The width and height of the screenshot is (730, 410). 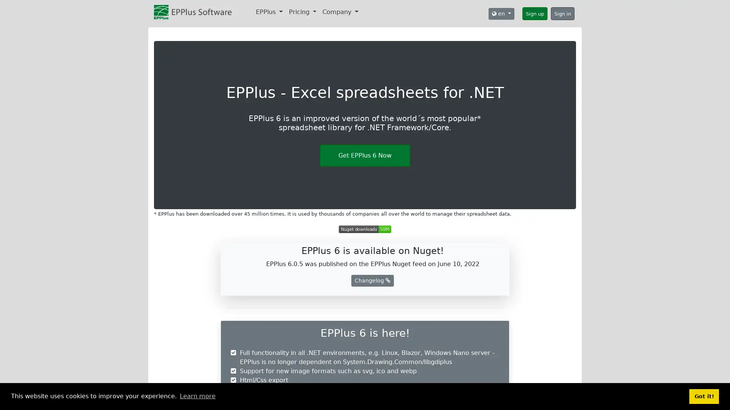 I want to click on dismiss cookie message, so click(x=704, y=396).